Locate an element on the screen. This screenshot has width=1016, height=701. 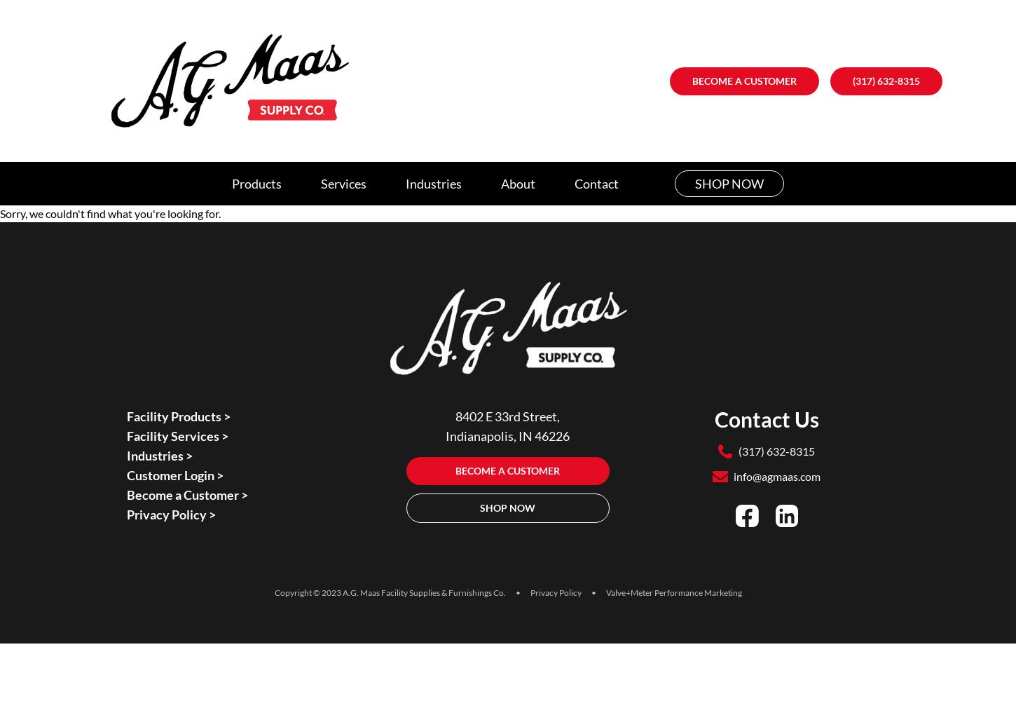
'Industries >' is located at coordinates (158, 456).